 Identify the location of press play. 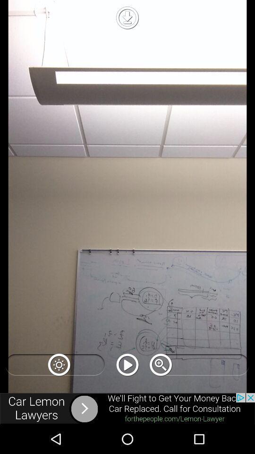
(127, 364).